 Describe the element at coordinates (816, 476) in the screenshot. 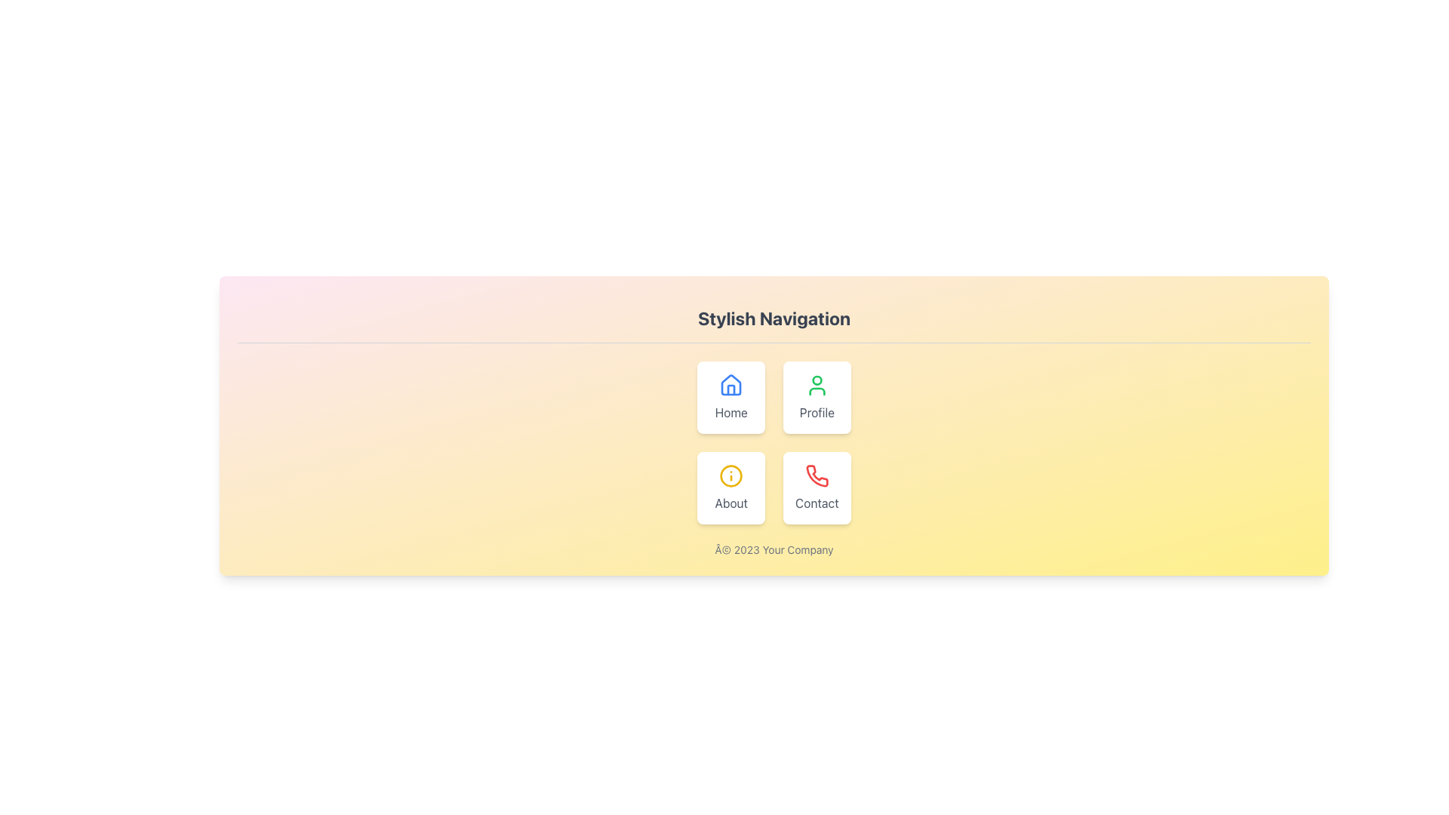

I see `the red phone icon located at the top of the 'Contact' card in the bottom-right quadrant of the interface` at that location.